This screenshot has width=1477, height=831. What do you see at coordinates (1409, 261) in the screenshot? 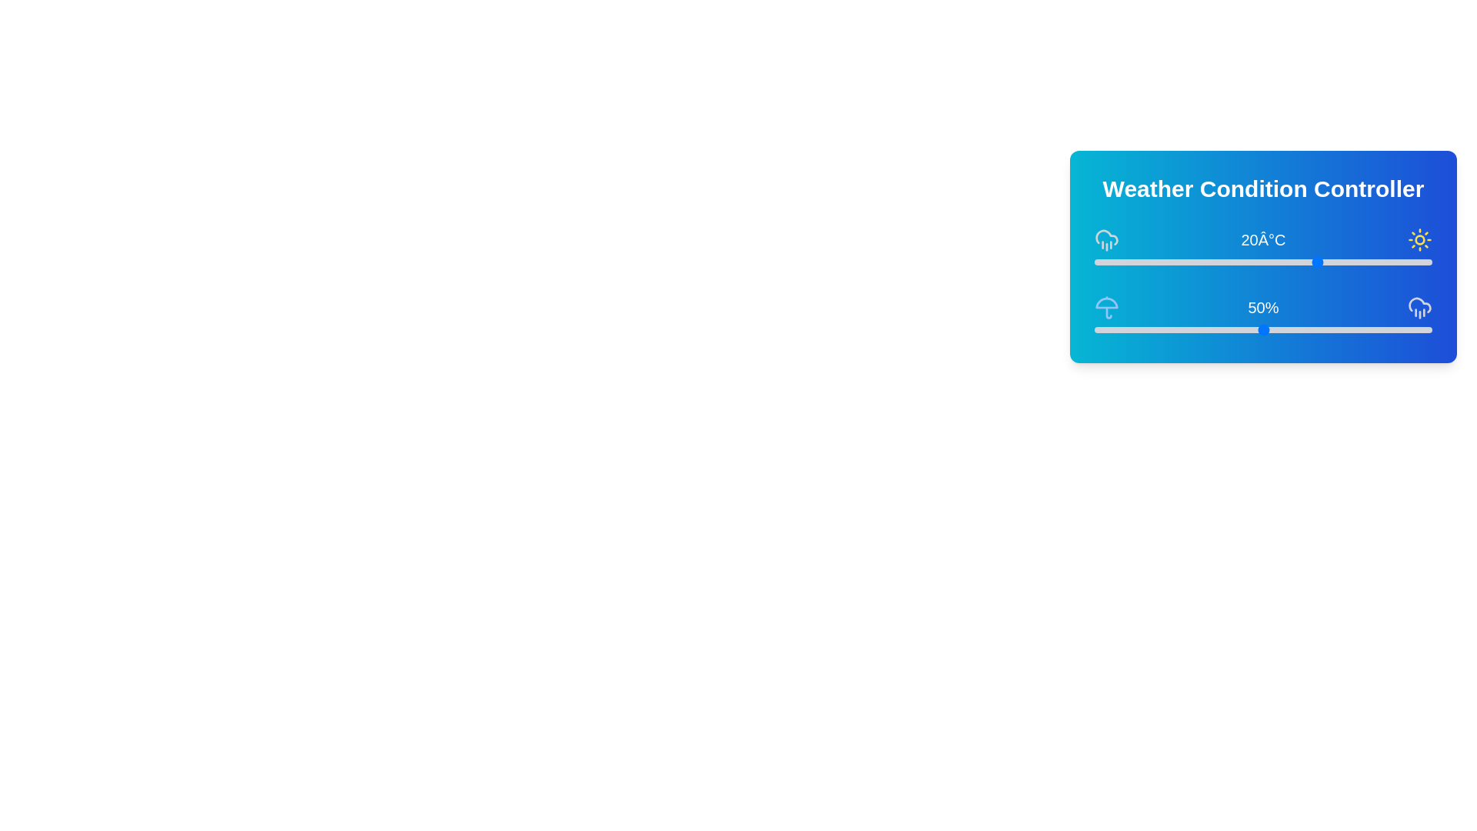
I see `the temperature slider to 36°C` at bounding box center [1409, 261].